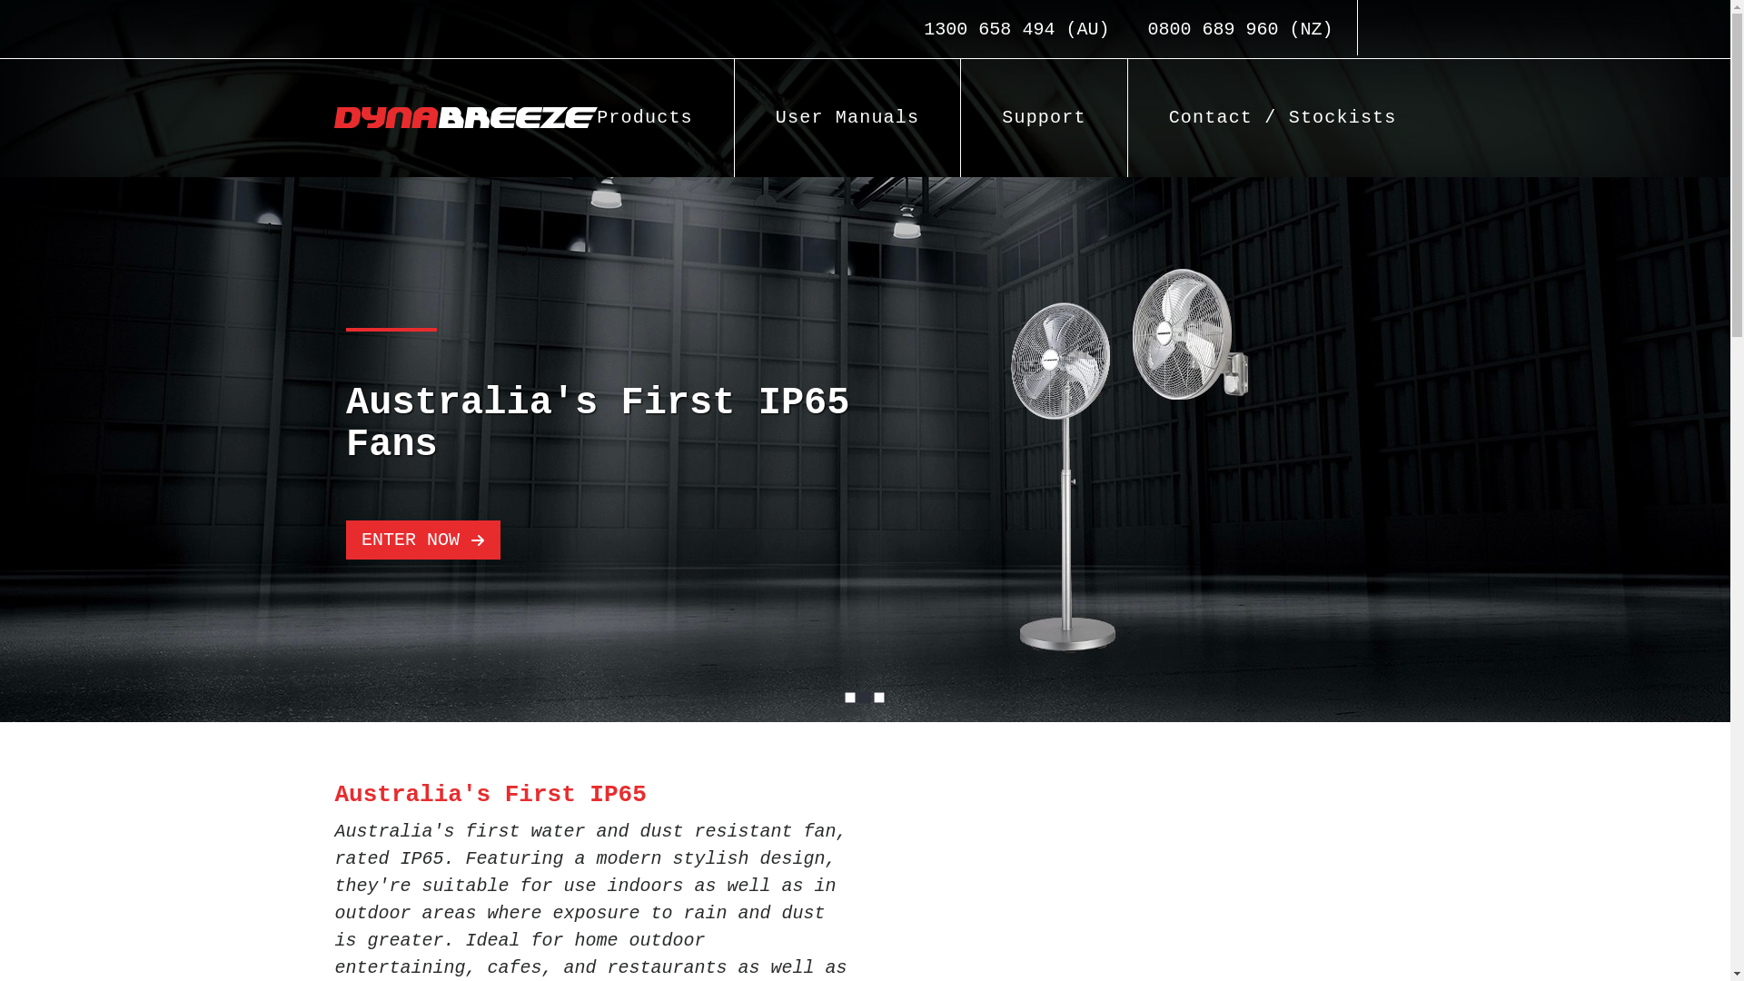 The image size is (1744, 981). Describe the element at coordinates (1015, 29) in the screenshot. I see `'1300 658 494 (AU)'` at that location.